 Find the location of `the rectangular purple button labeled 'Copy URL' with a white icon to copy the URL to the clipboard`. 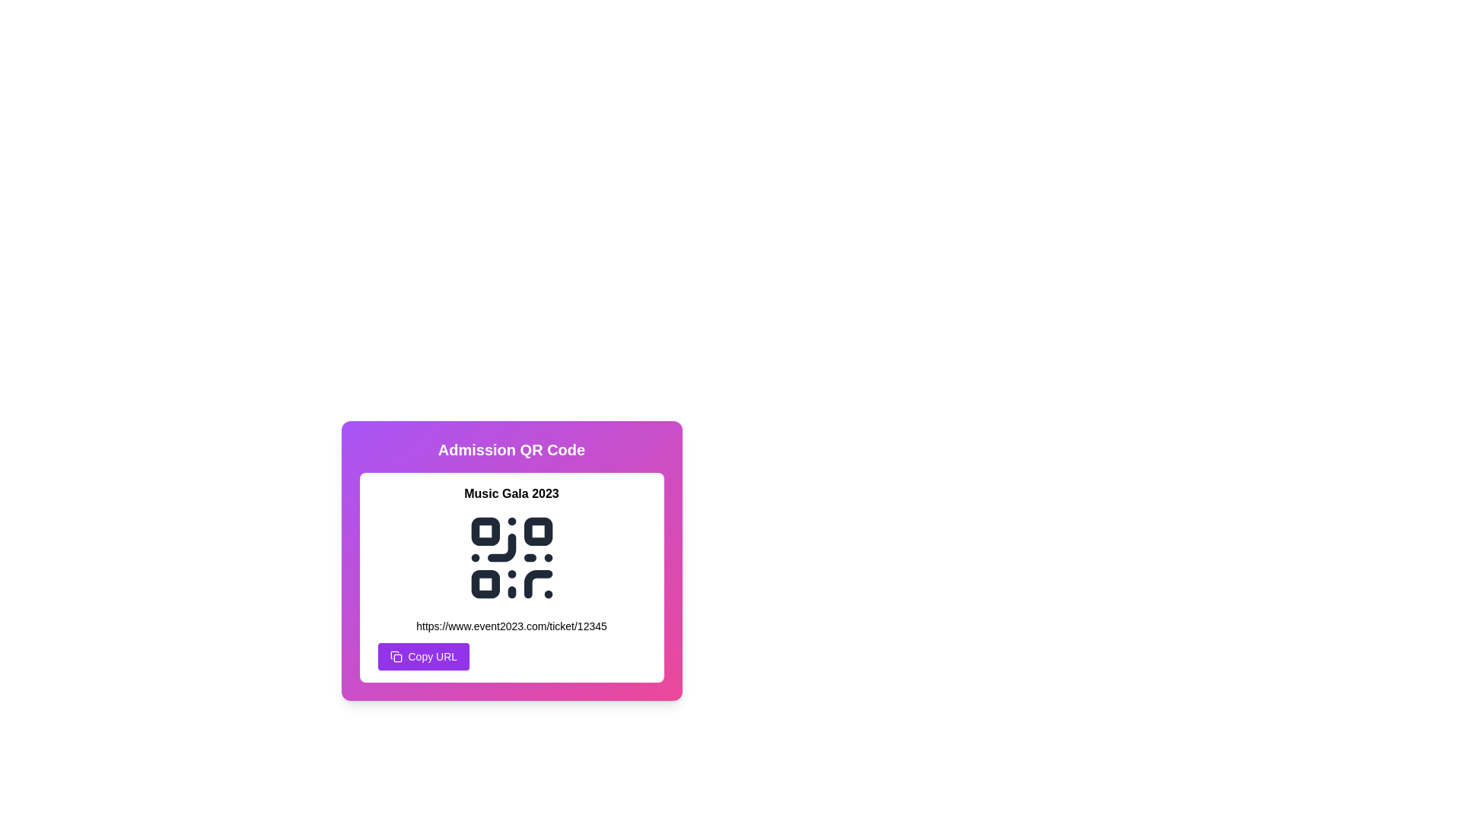

the rectangular purple button labeled 'Copy URL' with a white icon to copy the URL to the clipboard is located at coordinates (423, 656).